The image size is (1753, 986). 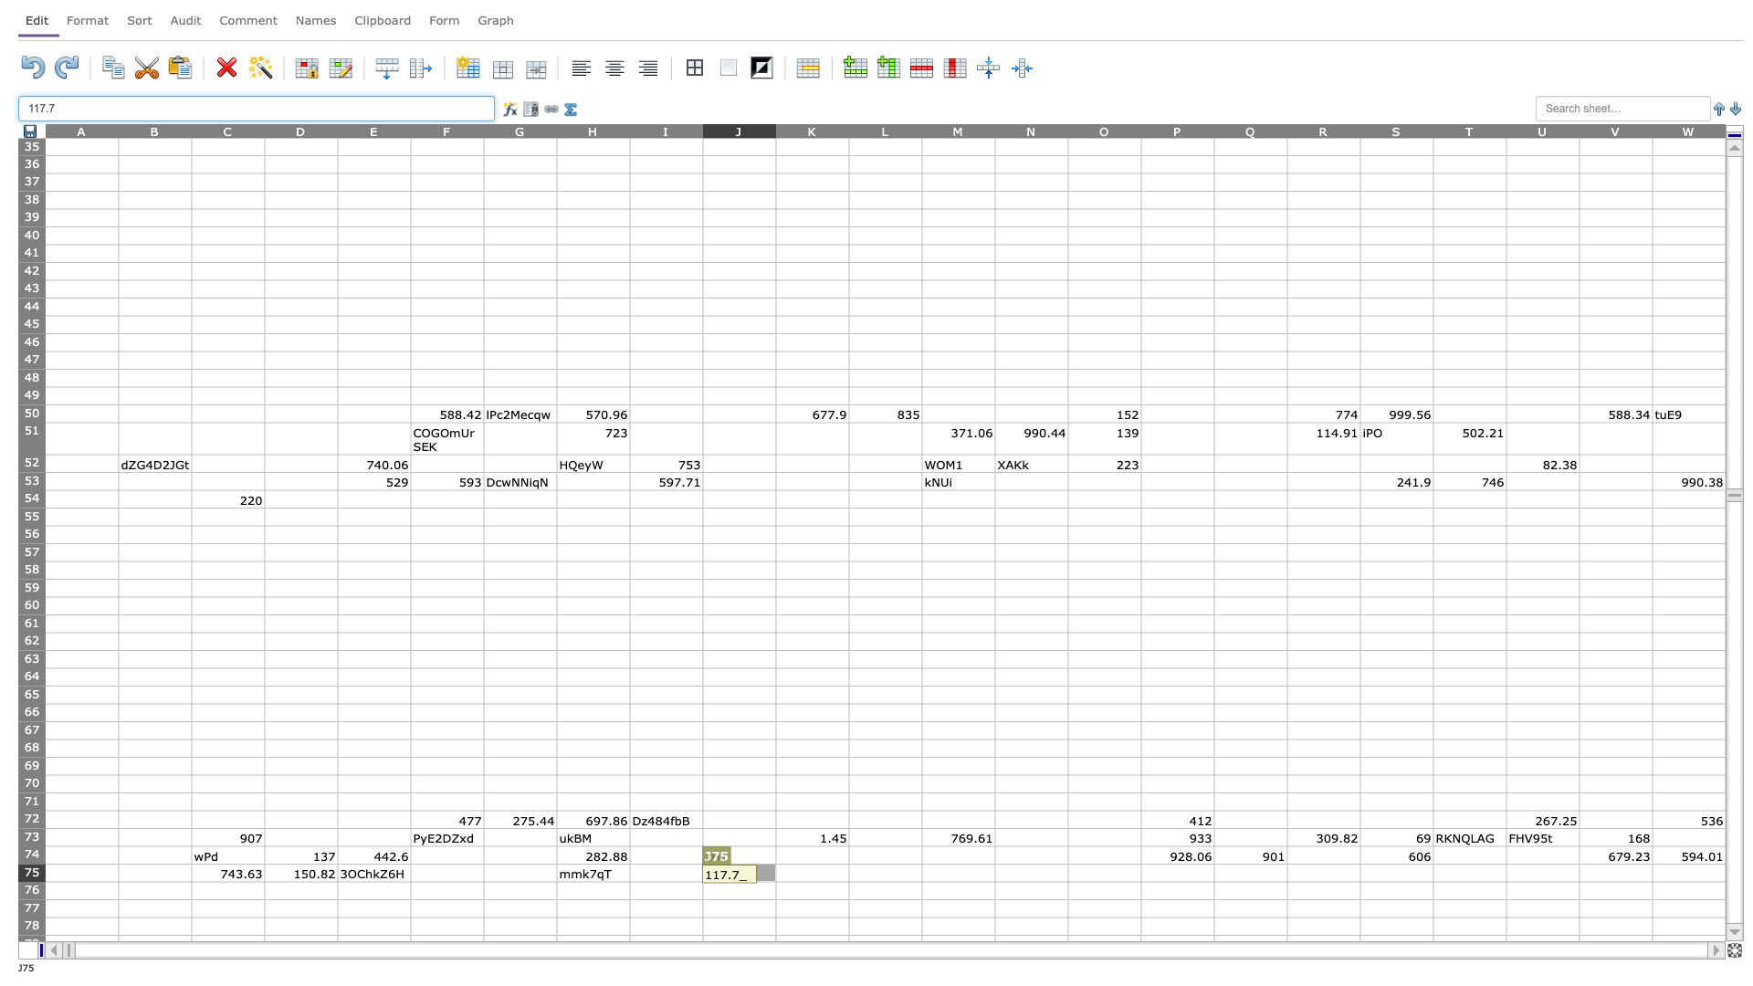 I want to click on Place cursor on top left corner of K75, so click(x=775, y=863).